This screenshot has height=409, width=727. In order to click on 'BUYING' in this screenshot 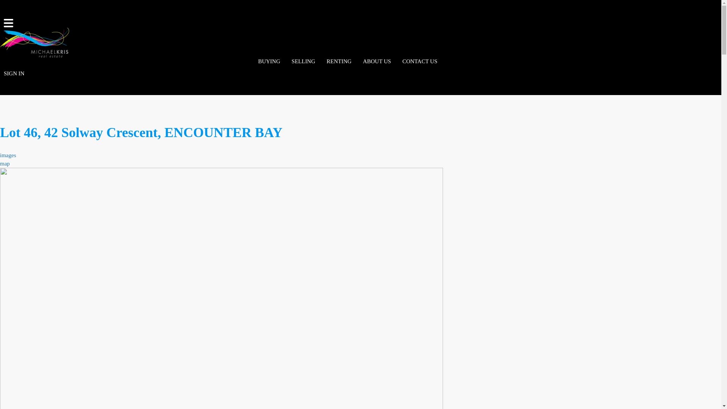, I will do `click(269, 61)`.